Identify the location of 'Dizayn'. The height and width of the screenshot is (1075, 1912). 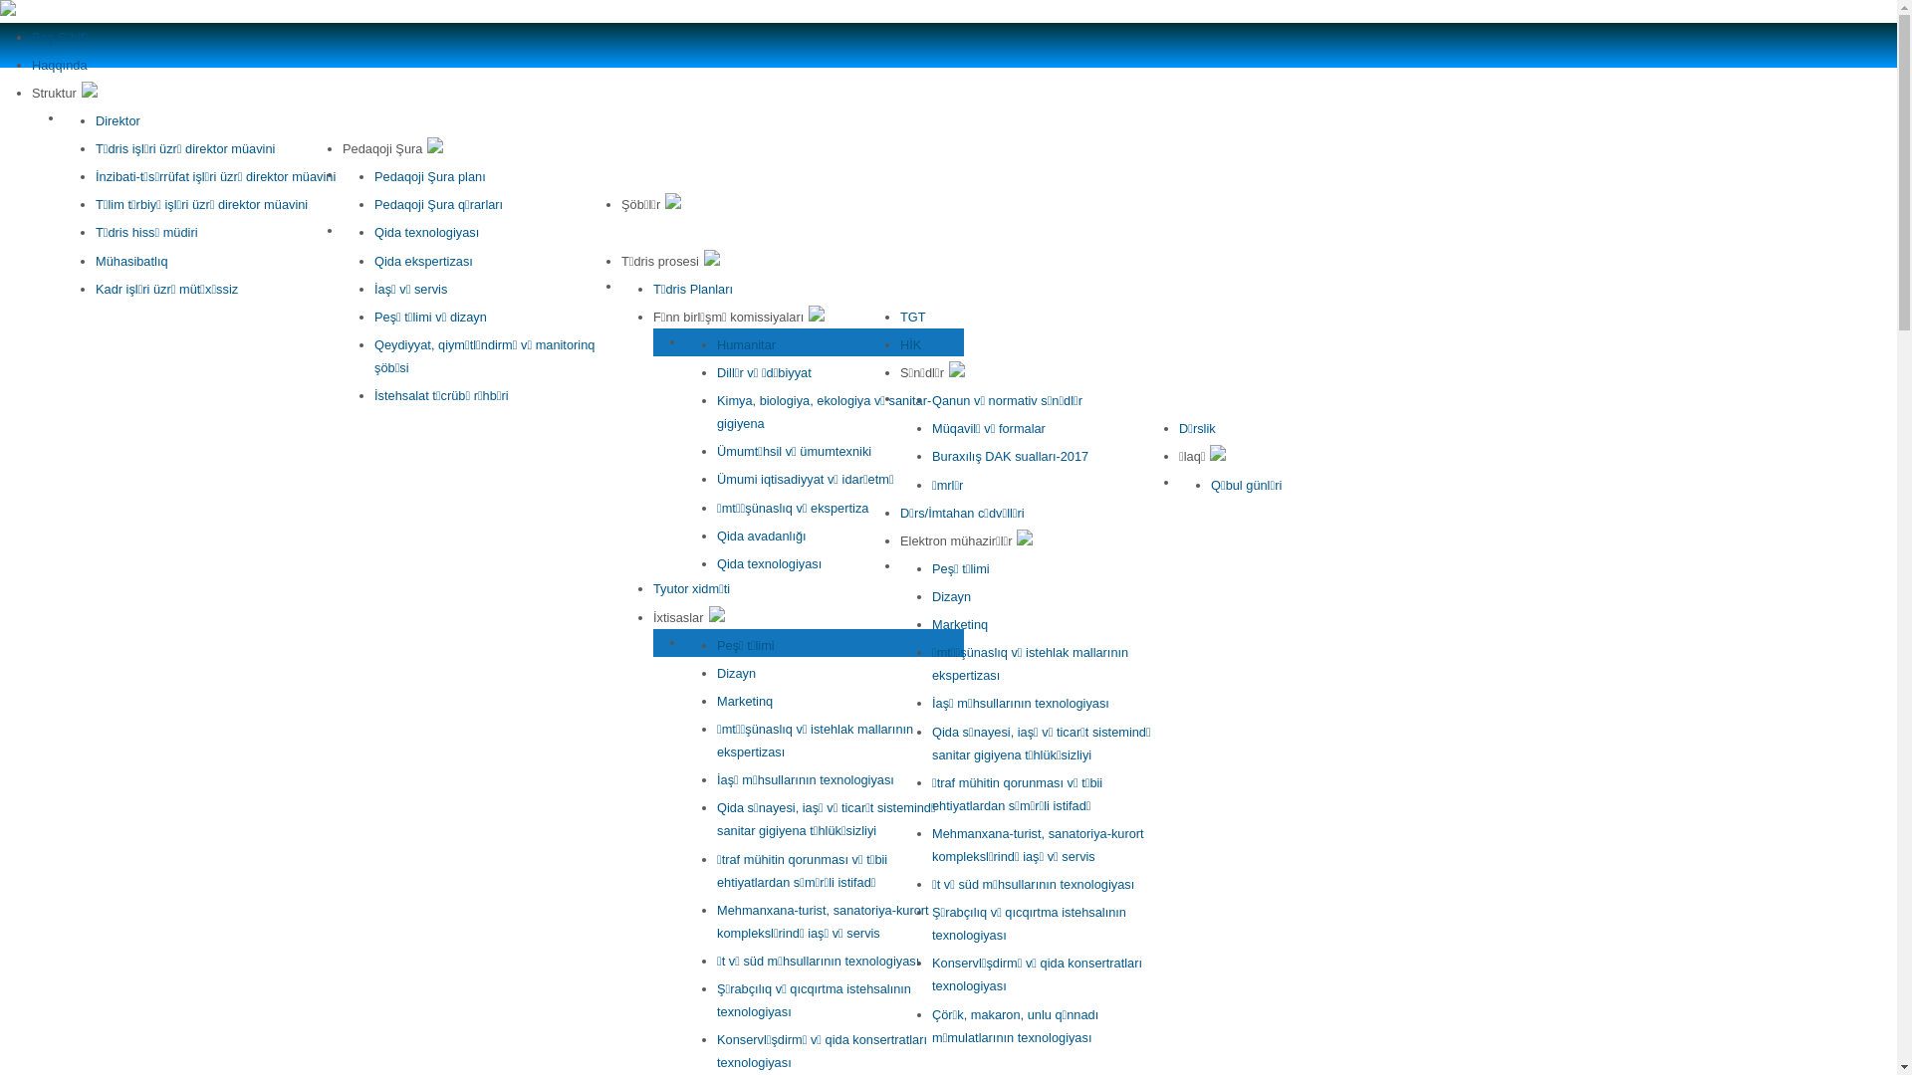
(735, 672).